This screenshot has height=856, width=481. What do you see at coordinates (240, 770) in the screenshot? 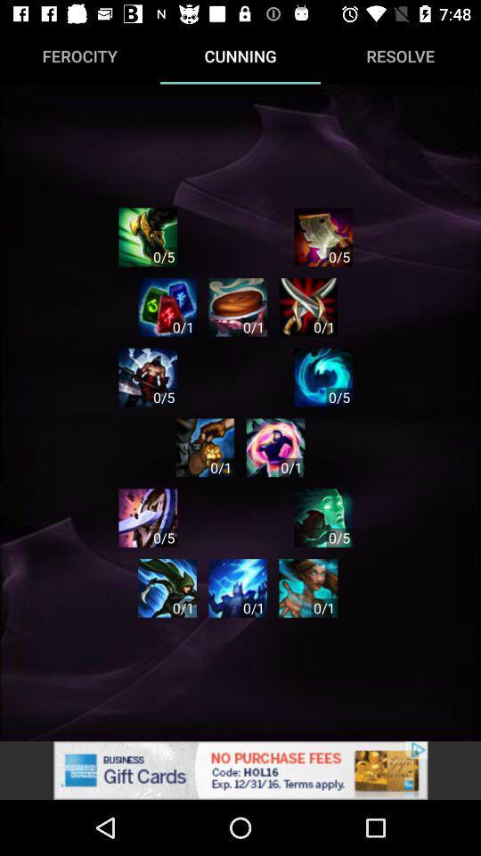
I see `the advertisement` at bounding box center [240, 770].